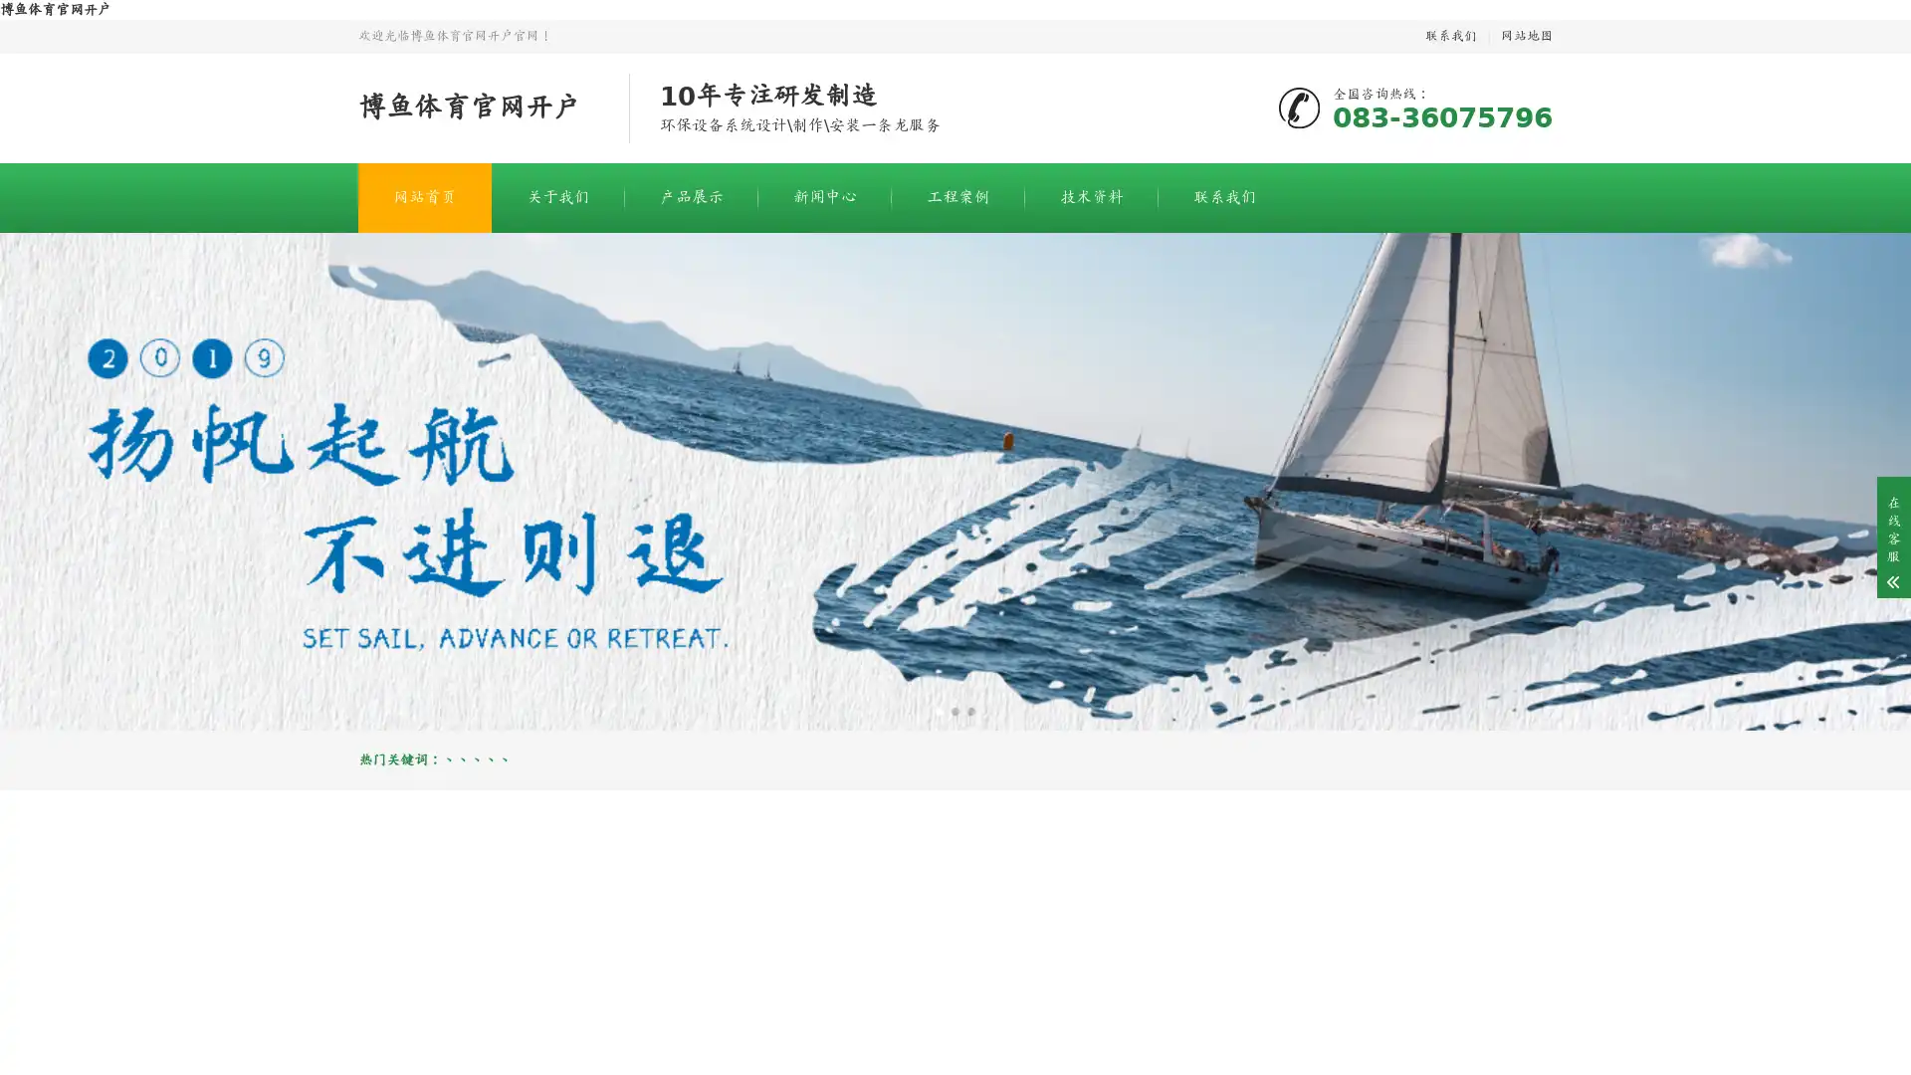 The width and height of the screenshot is (1911, 1075). I want to click on Go to slide 1, so click(939, 710).